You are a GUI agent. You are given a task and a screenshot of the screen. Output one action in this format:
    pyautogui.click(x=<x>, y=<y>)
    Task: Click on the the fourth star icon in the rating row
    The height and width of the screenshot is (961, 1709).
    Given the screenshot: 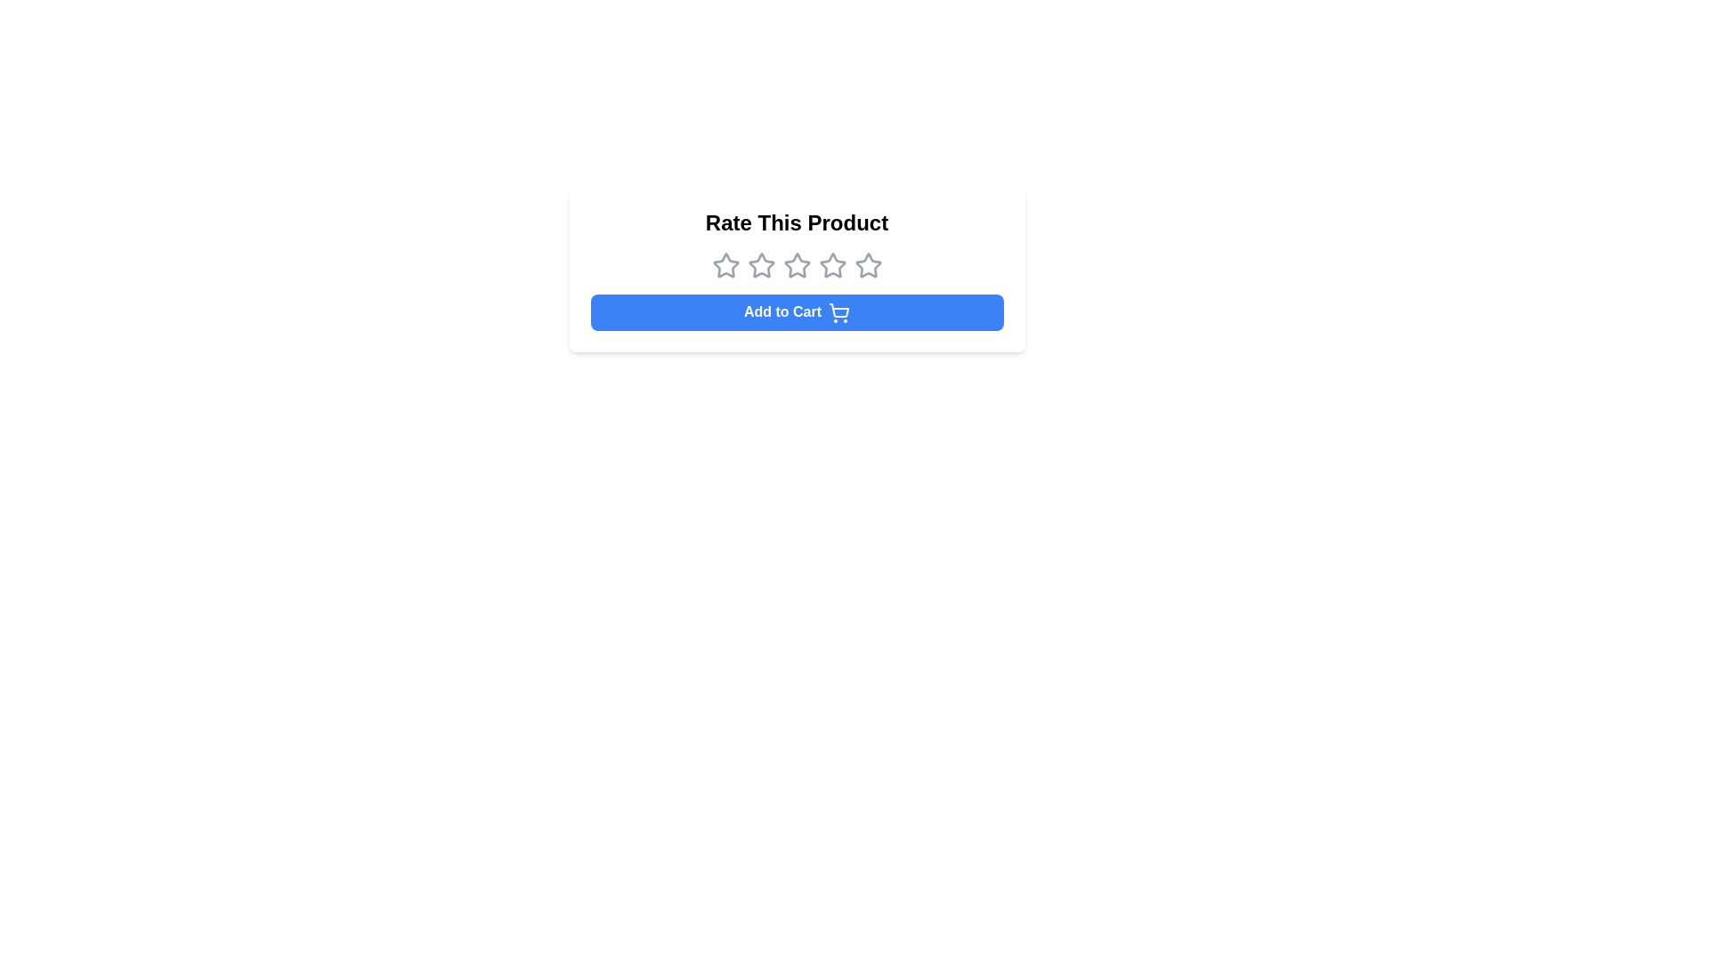 What is the action you would take?
    pyautogui.click(x=831, y=264)
    